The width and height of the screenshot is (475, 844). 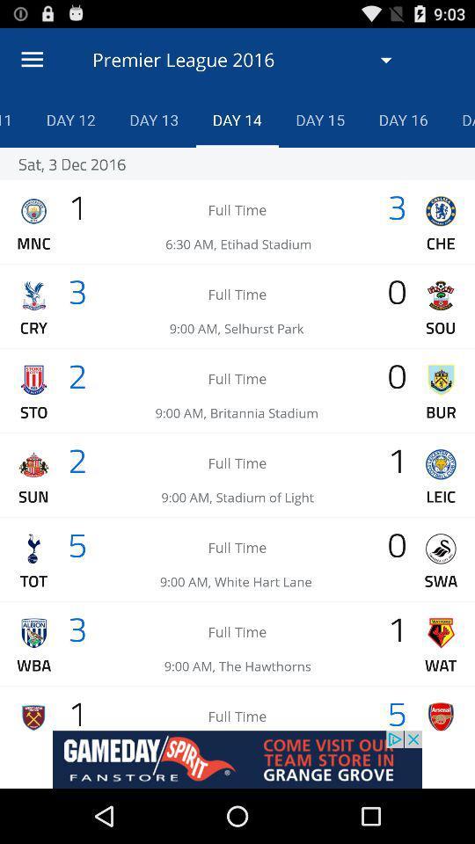 What do you see at coordinates (237, 759) in the screenshot?
I see `so the advertisement` at bounding box center [237, 759].